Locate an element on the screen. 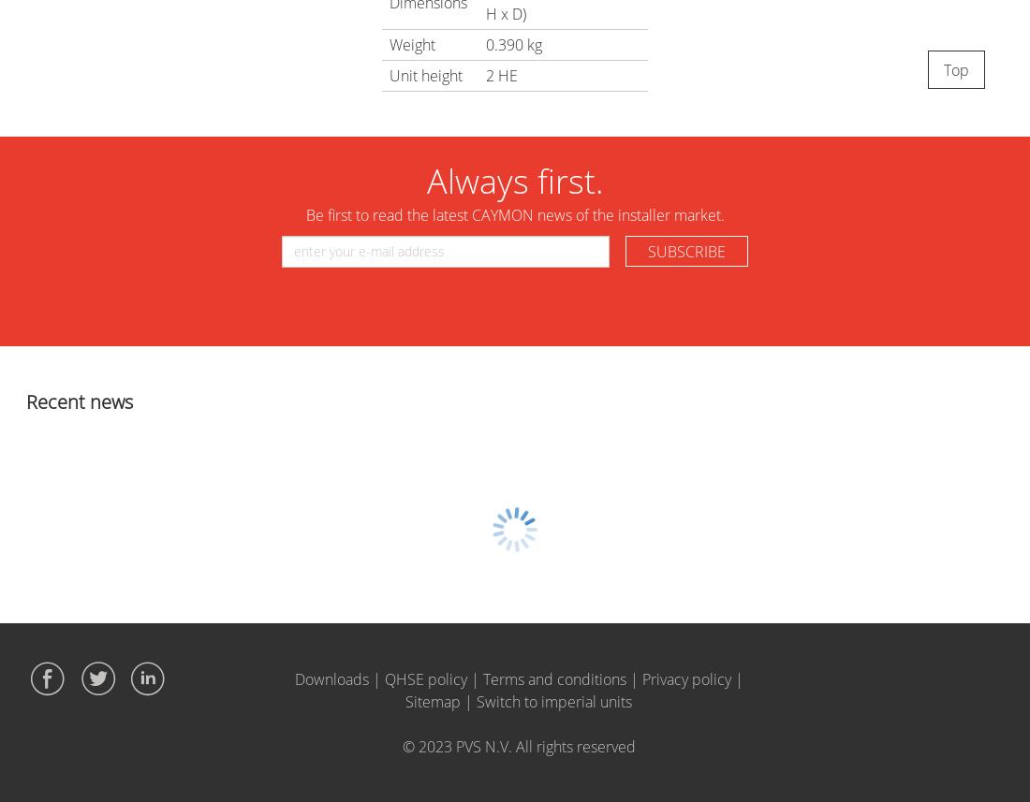  'Switch to imperial units' is located at coordinates (553, 700).